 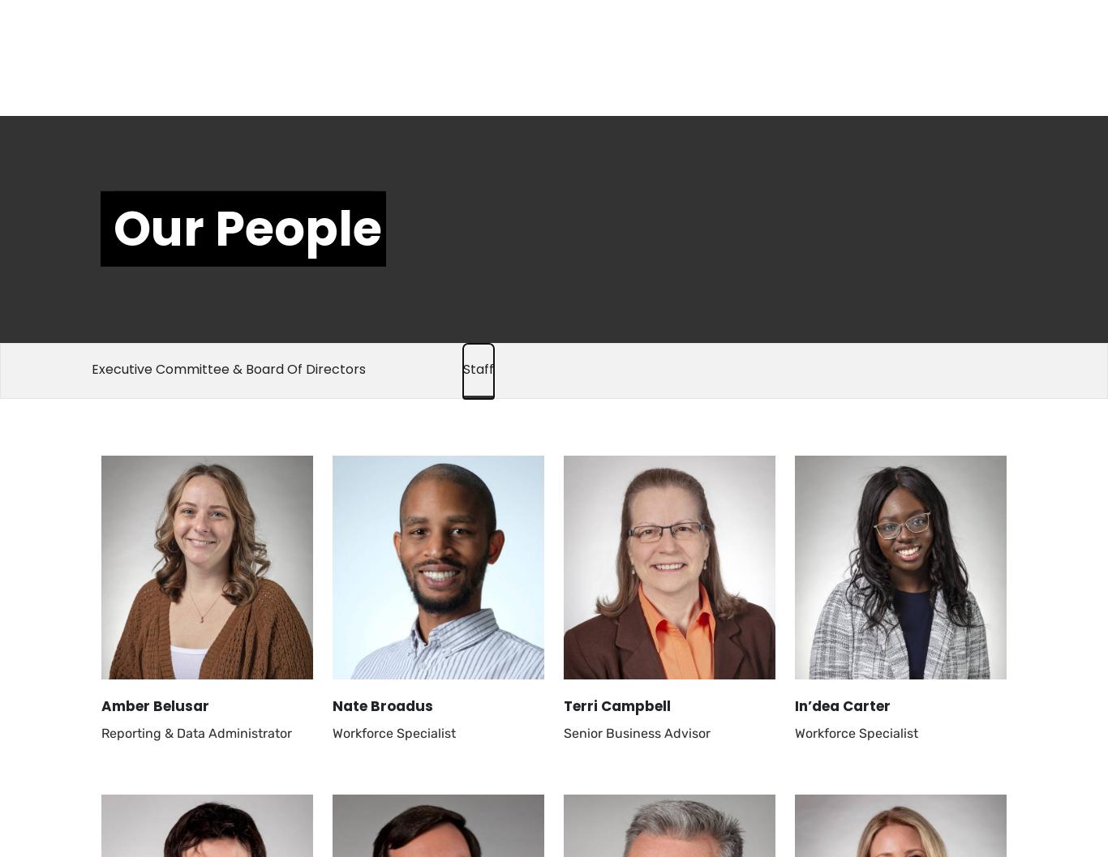 What do you see at coordinates (836, 409) in the screenshot?
I see `'Mark Sewell'` at bounding box center [836, 409].